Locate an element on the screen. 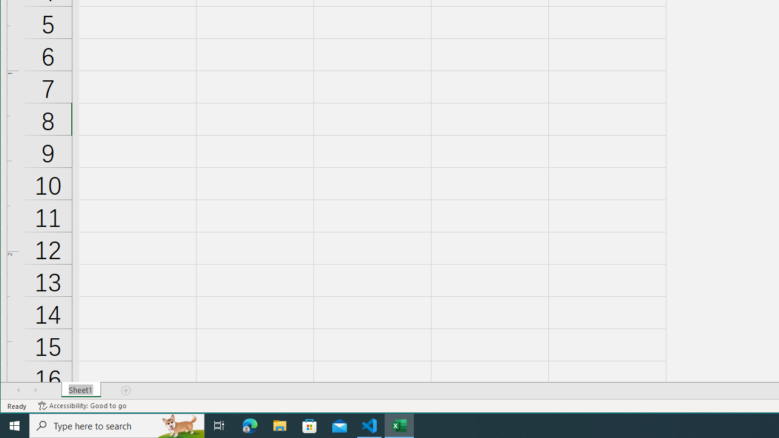 The image size is (779, 438). 'Sheet Tab' is located at coordinates (80, 390).